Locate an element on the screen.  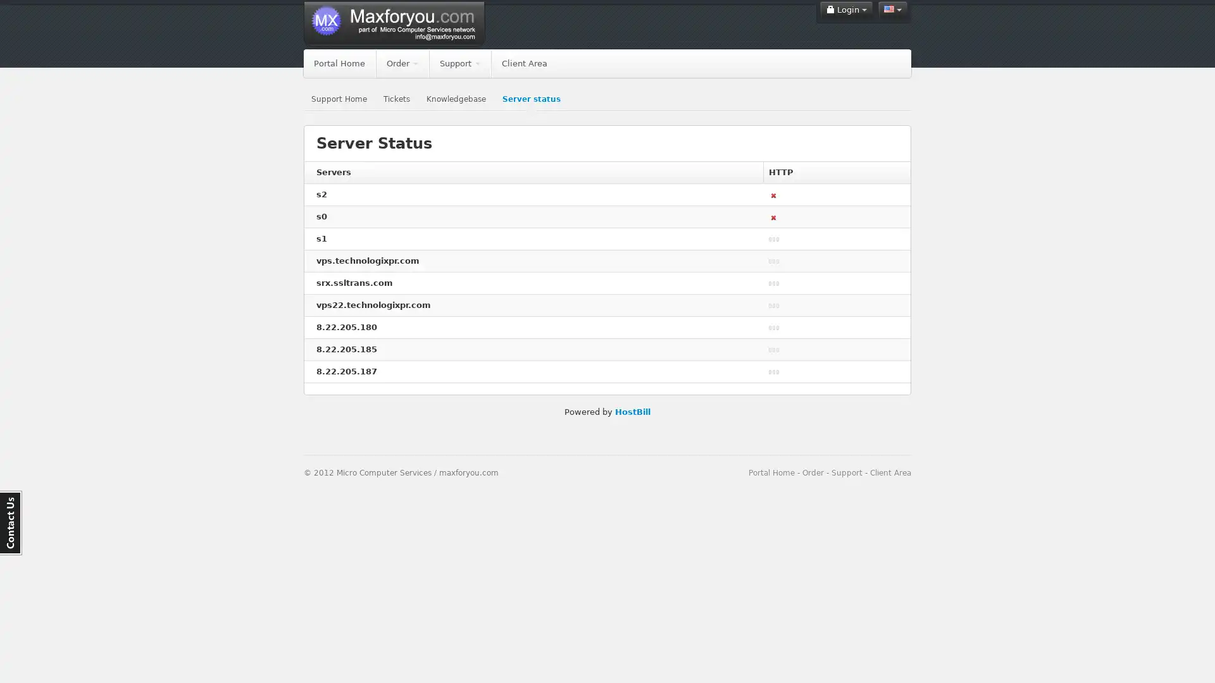
Login is located at coordinates (846, 9).